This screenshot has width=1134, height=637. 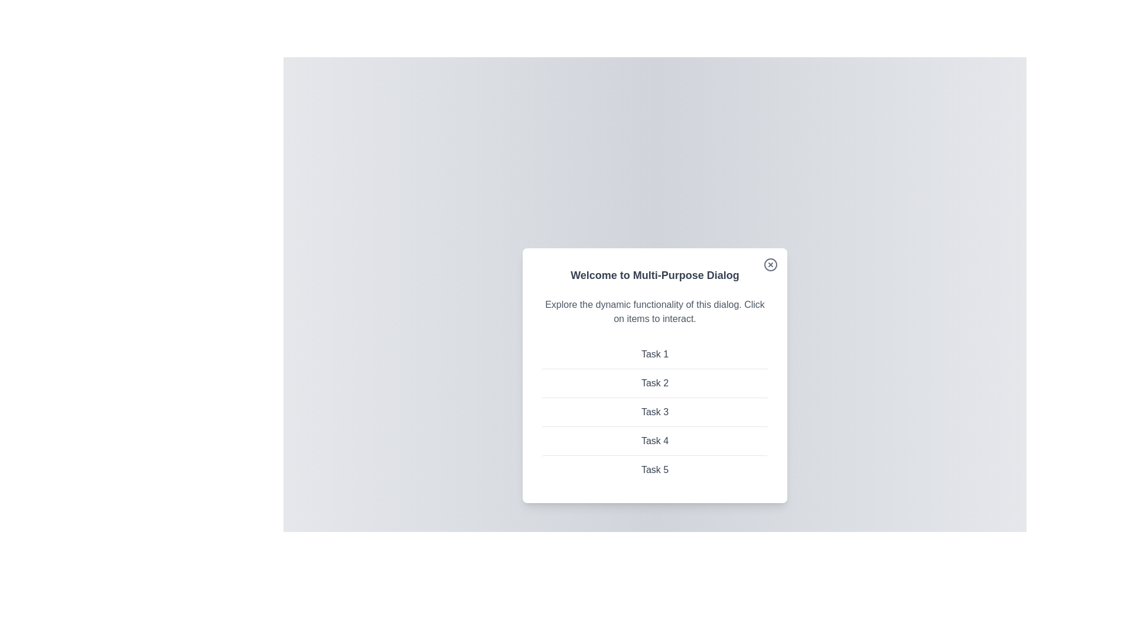 I want to click on the item Task 4 from the list, so click(x=654, y=441).